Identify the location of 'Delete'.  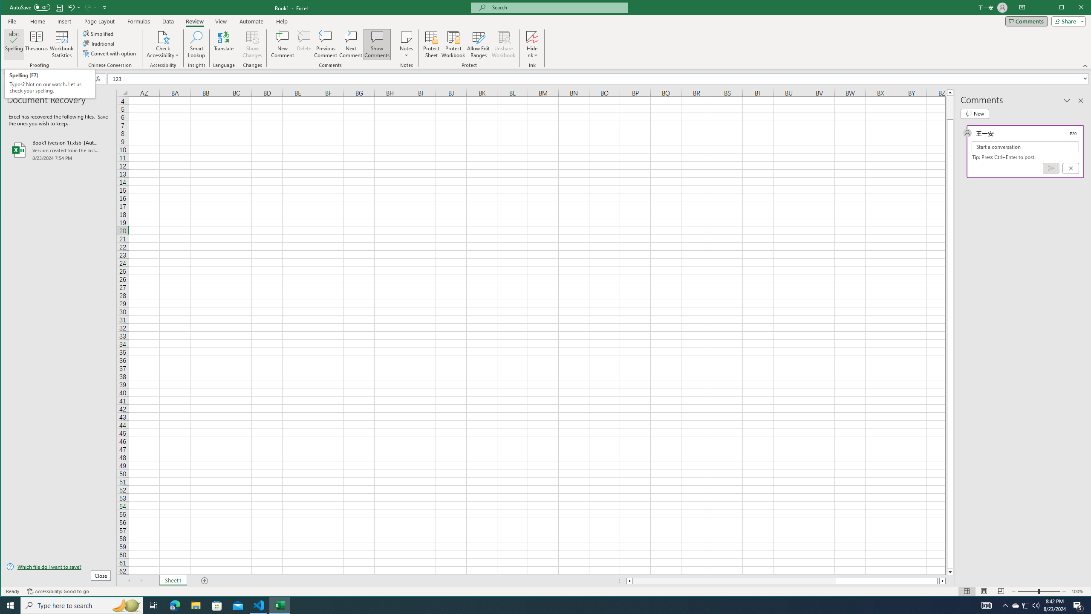
(304, 44).